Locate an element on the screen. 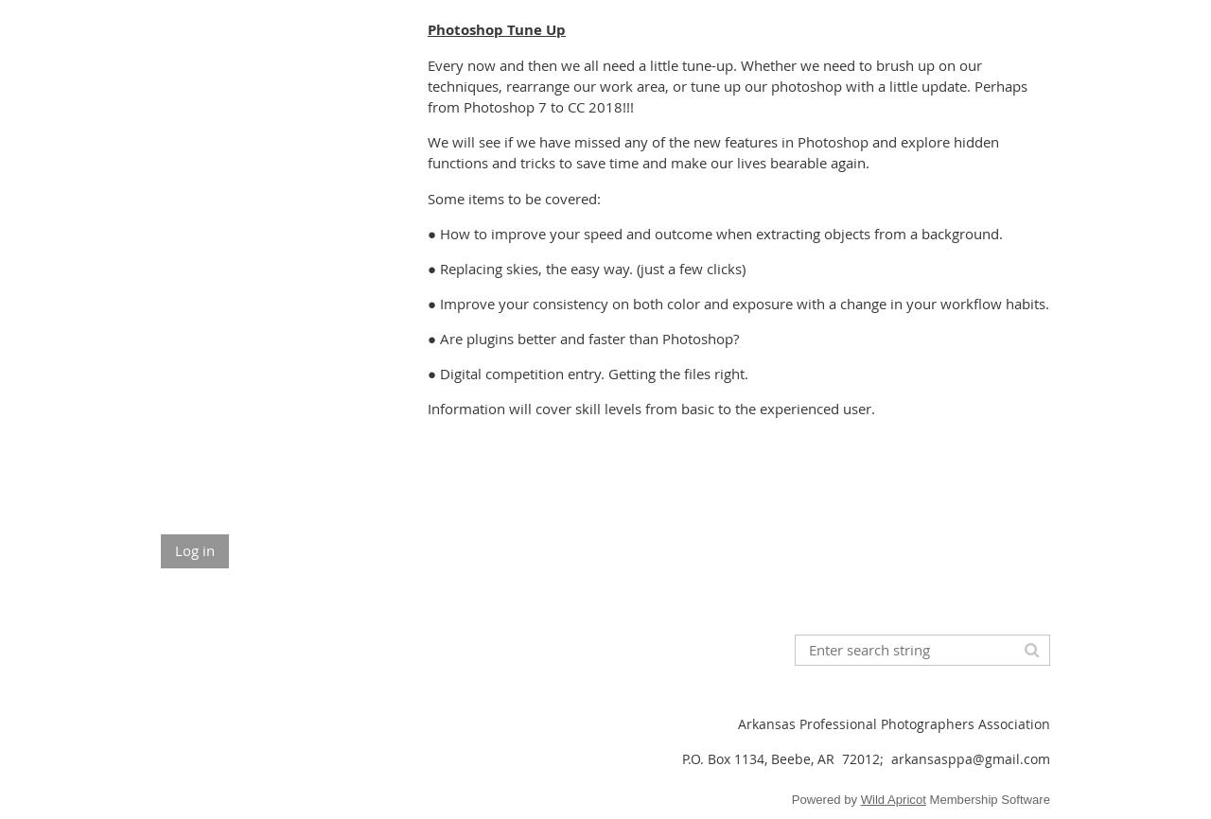 This screenshot has width=1211, height=819. 'We will see if we have missed any of the new features in Photoshop and explore hidden functions and tricks to save time and make our lives bearable again.' is located at coordinates (712, 151).